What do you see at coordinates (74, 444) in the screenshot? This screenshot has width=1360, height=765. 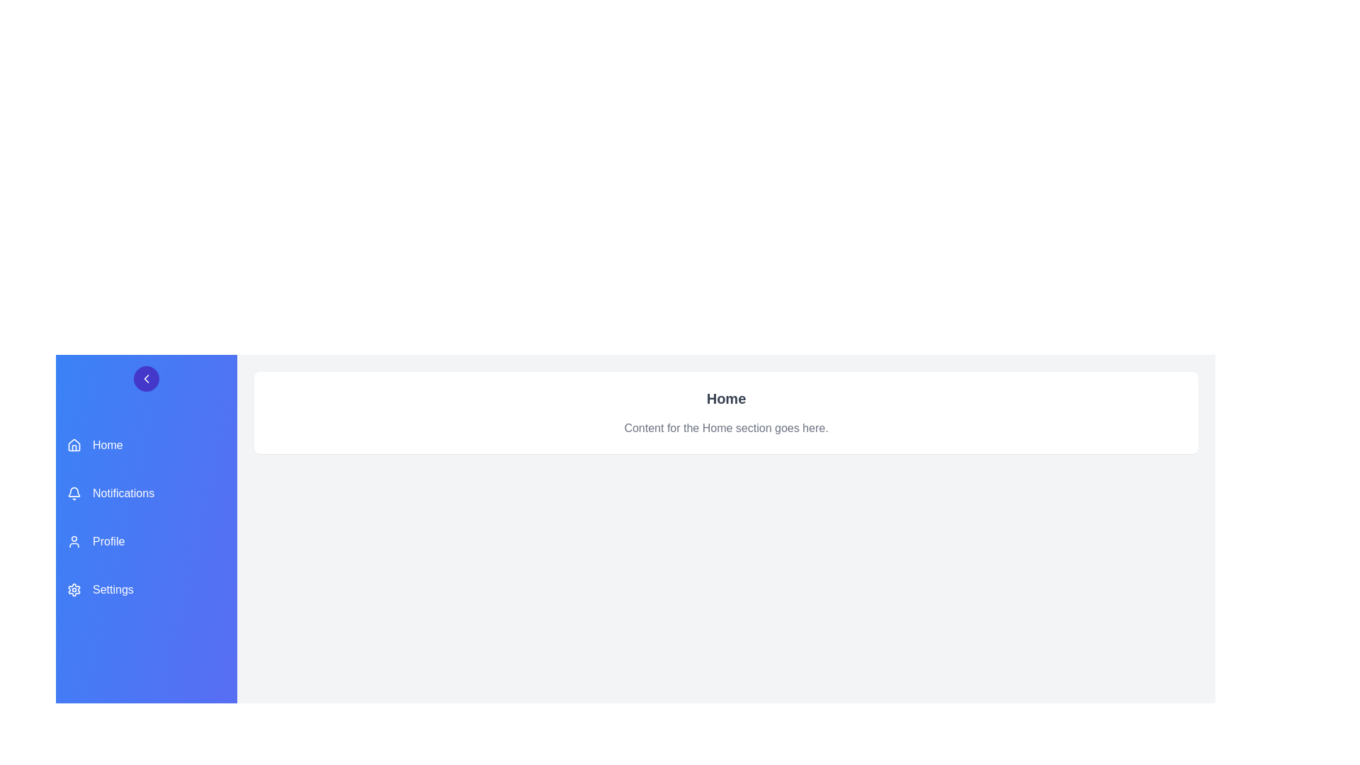 I see `the 'Home' icon located at the top of the sidebar navigation menu` at bounding box center [74, 444].